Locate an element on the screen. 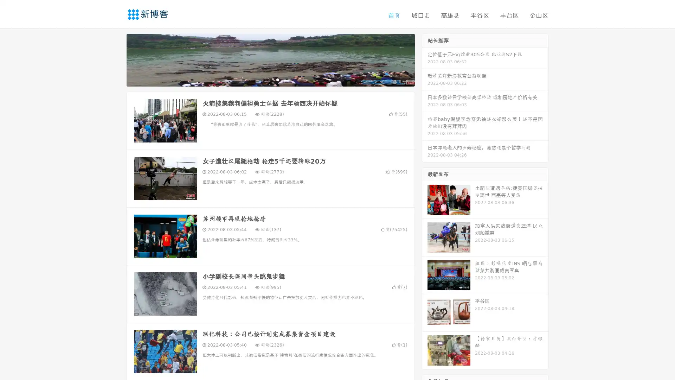 The image size is (675, 380). Previous slide is located at coordinates (116, 59).